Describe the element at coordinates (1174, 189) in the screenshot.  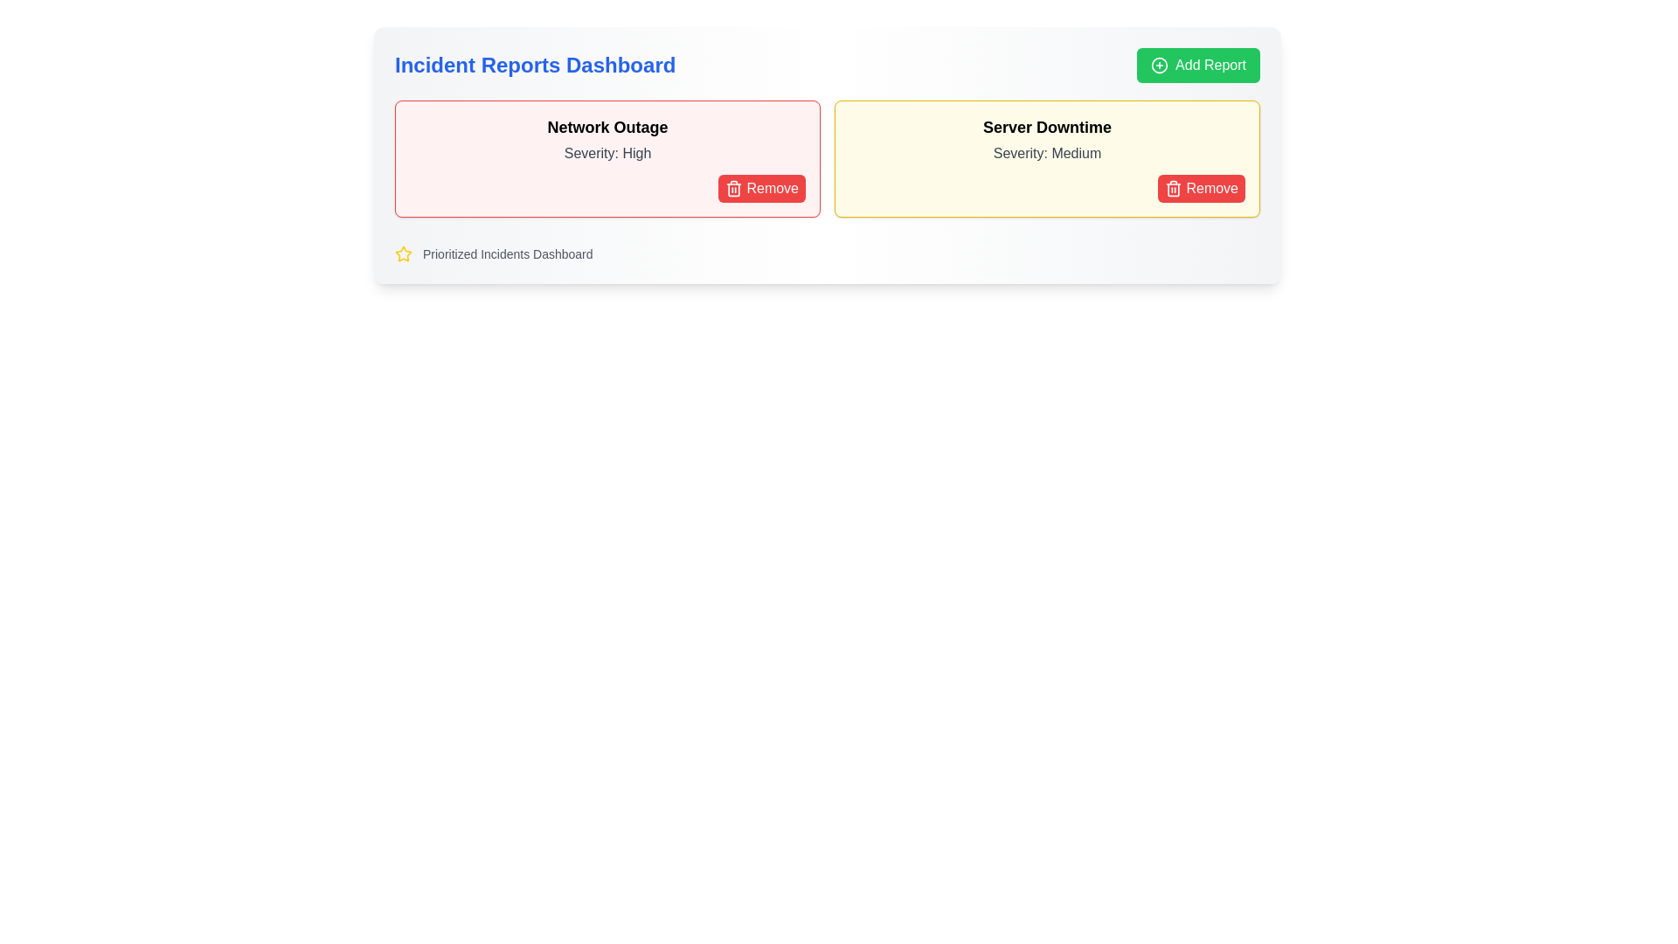
I see `the 'Remove' icon within the red button on the yellow 'Server Downtime' card` at that location.